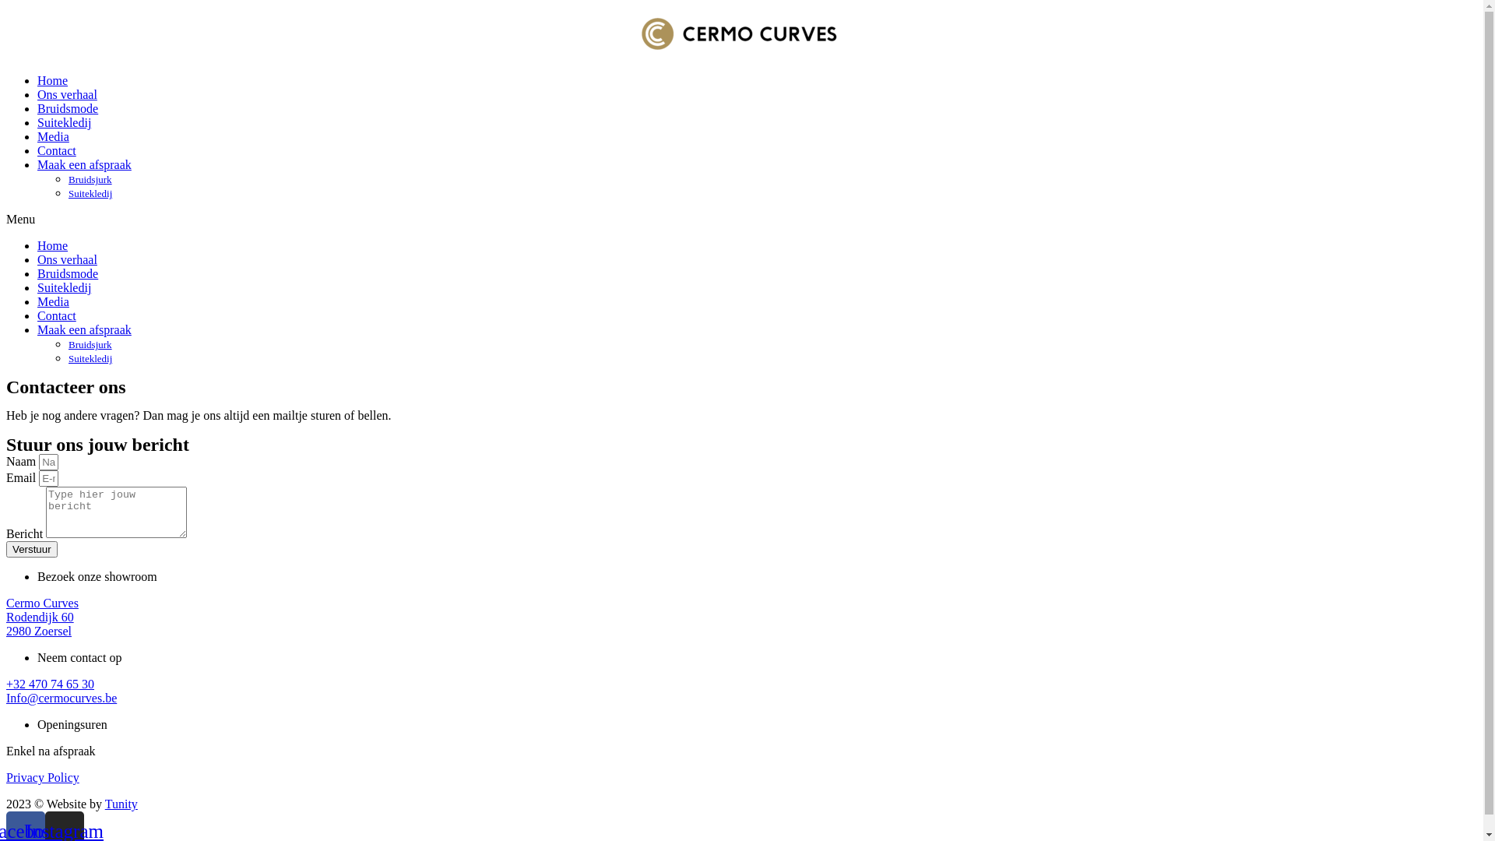 This screenshot has height=841, width=1495. Describe the element at coordinates (42, 602) in the screenshot. I see `'Cermo Curves'` at that location.